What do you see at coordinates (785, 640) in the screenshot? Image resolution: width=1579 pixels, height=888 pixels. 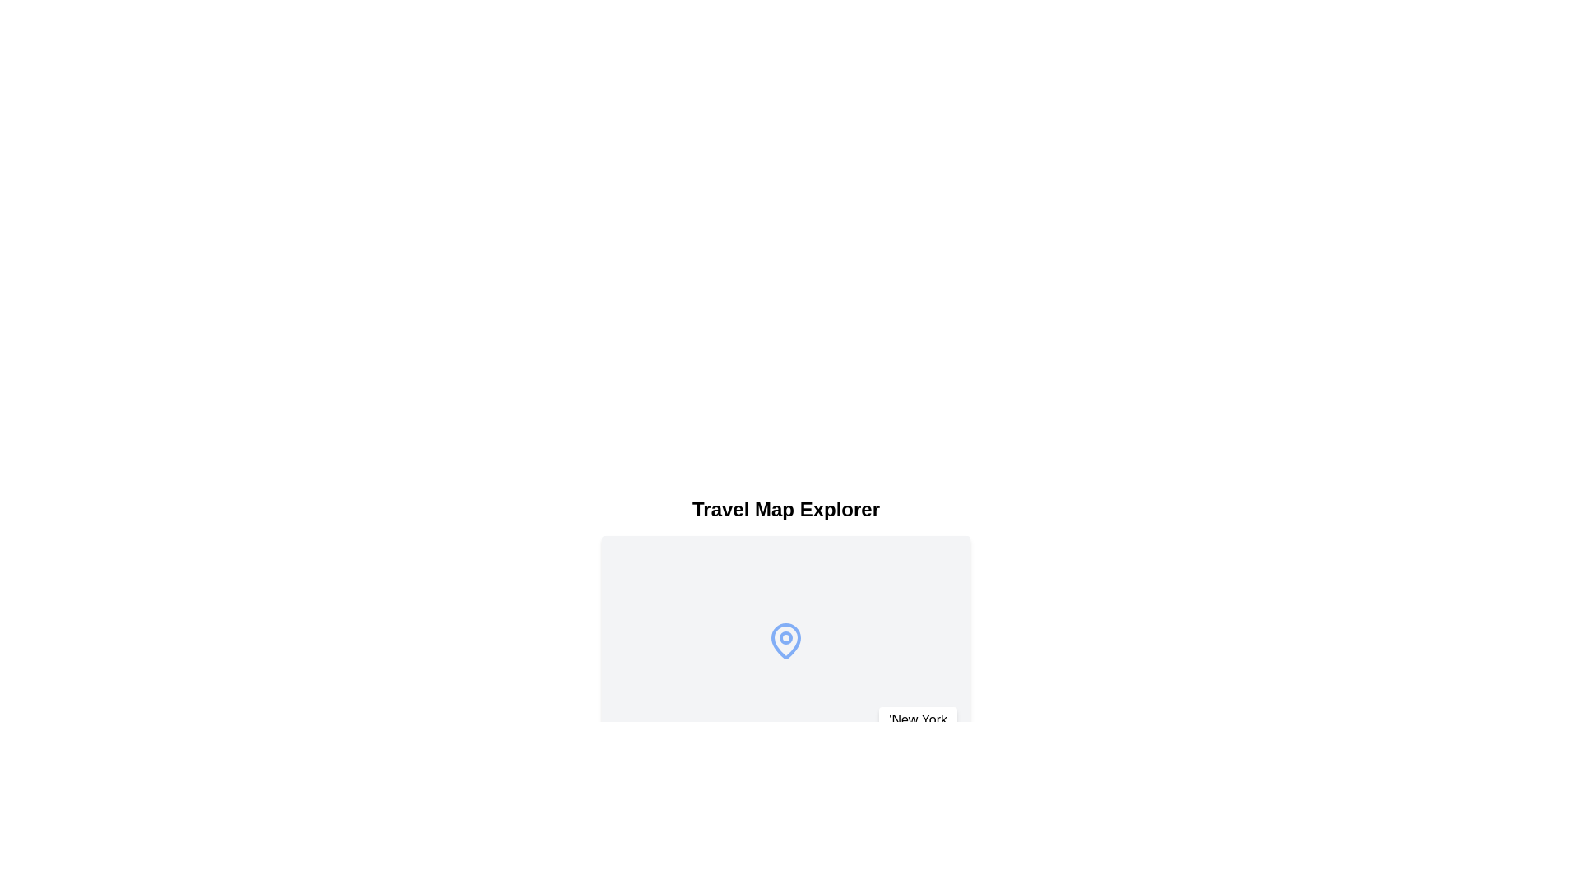 I see `the map marker indicating the city` at bounding box center [785, 640].